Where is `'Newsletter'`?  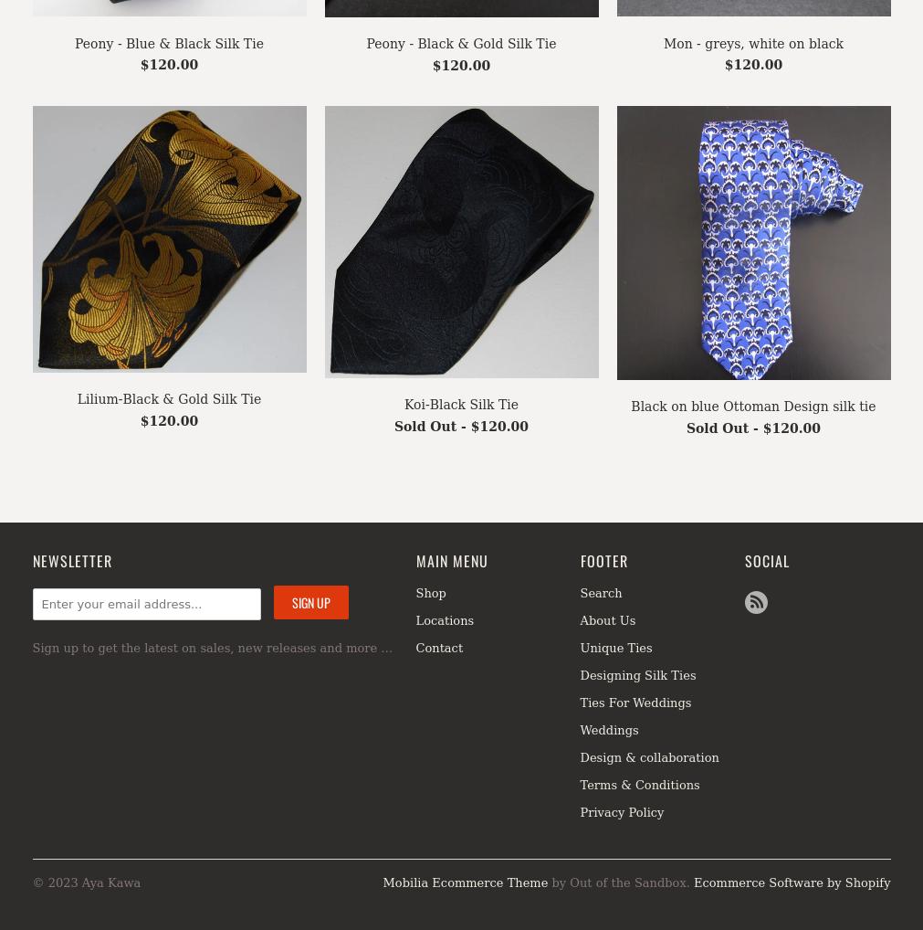
'Newsletter' is located at coordinates (70, 559).